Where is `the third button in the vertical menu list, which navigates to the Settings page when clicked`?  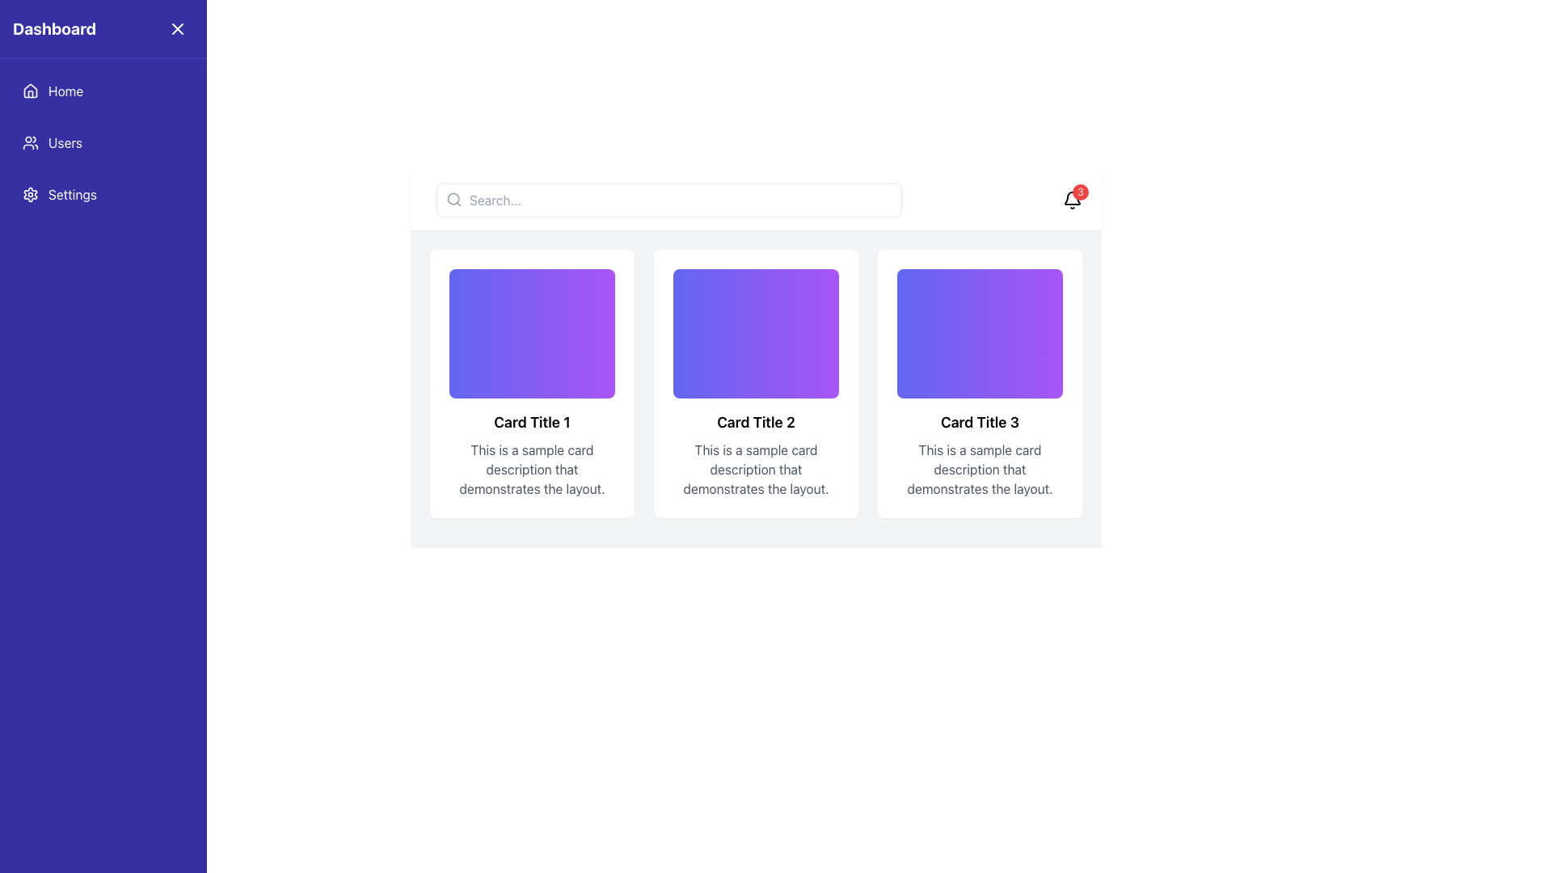 the third button in the vertical menu list, which navigates to the Settings page when clicked is located at coordinates (103, 193).